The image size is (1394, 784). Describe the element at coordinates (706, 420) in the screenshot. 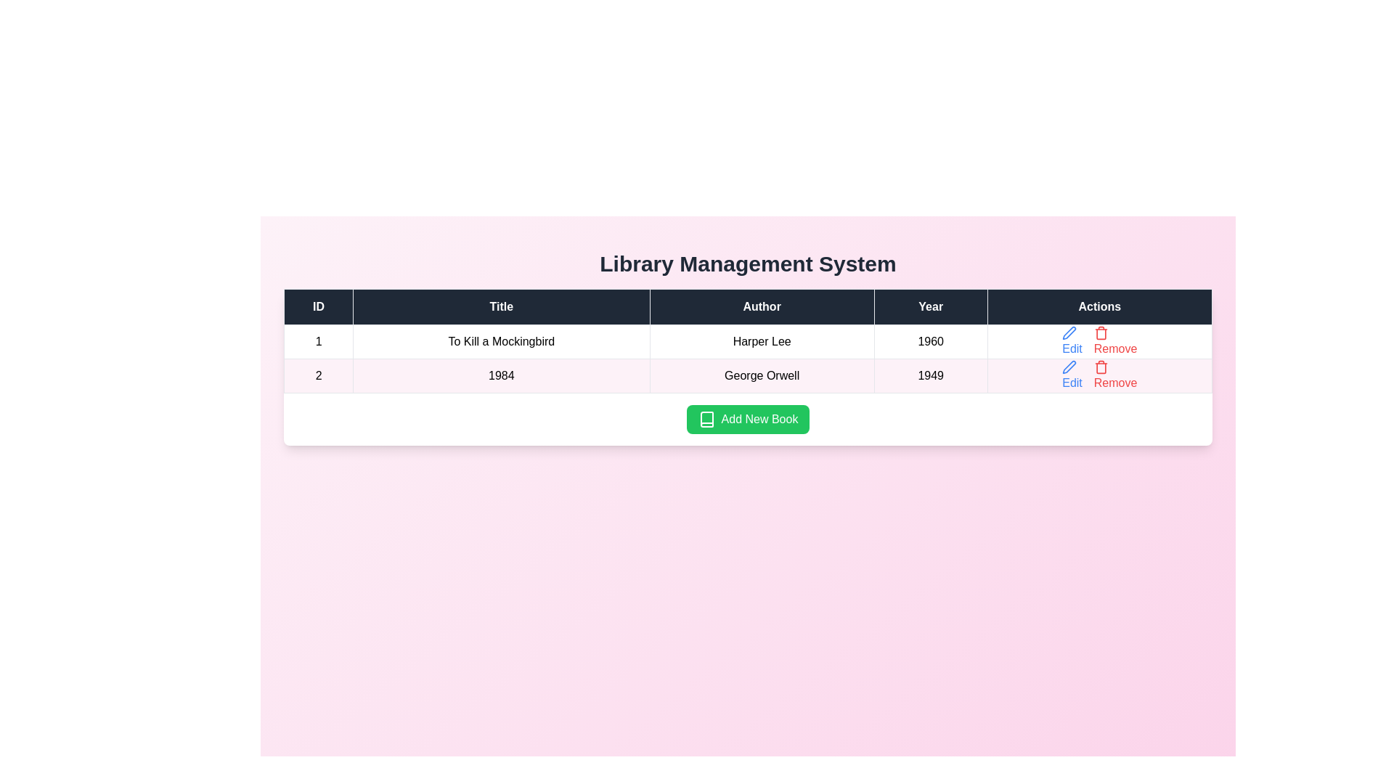

I see `the Decorative icon located to the left of the 'Add New Book' button, which serves as a visual aid for the button's functionality` at that location.